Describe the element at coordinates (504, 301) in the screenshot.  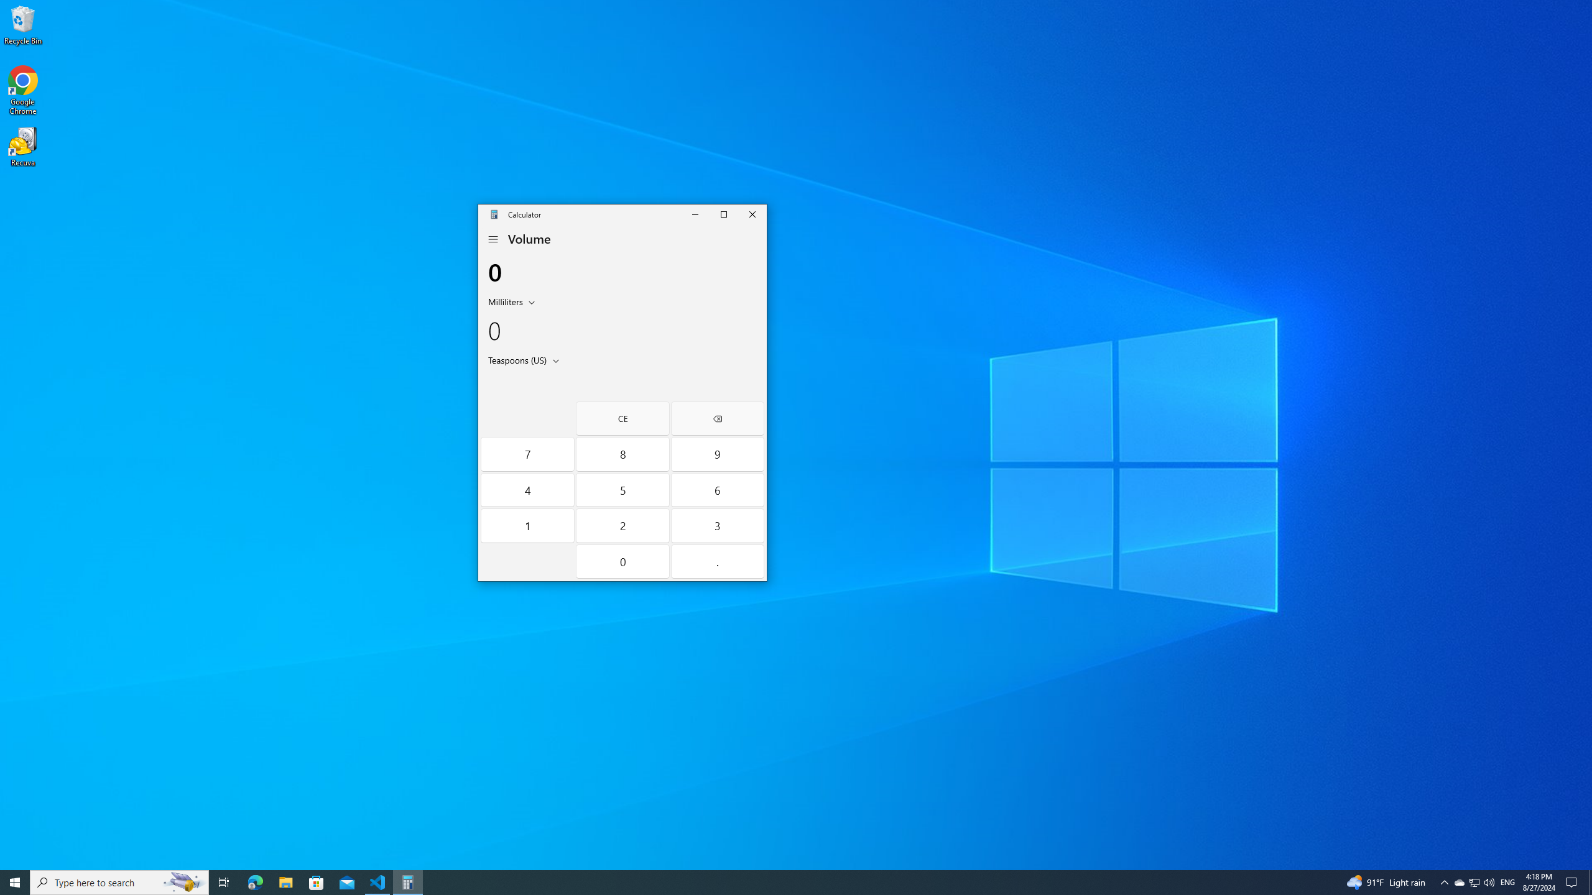
I see `'Milliliters'` at that location.